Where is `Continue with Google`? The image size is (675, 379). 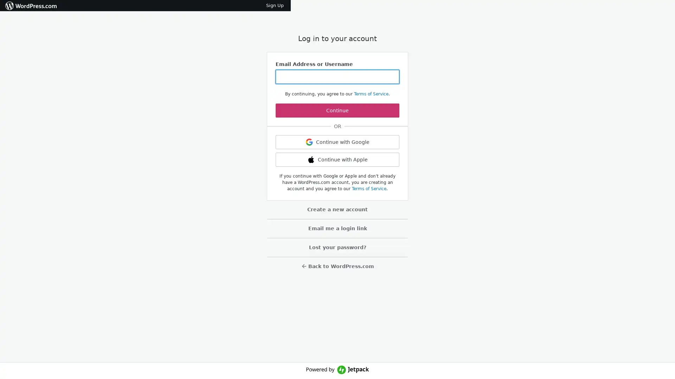 Continue with Google is located at coordinates (337, 142).